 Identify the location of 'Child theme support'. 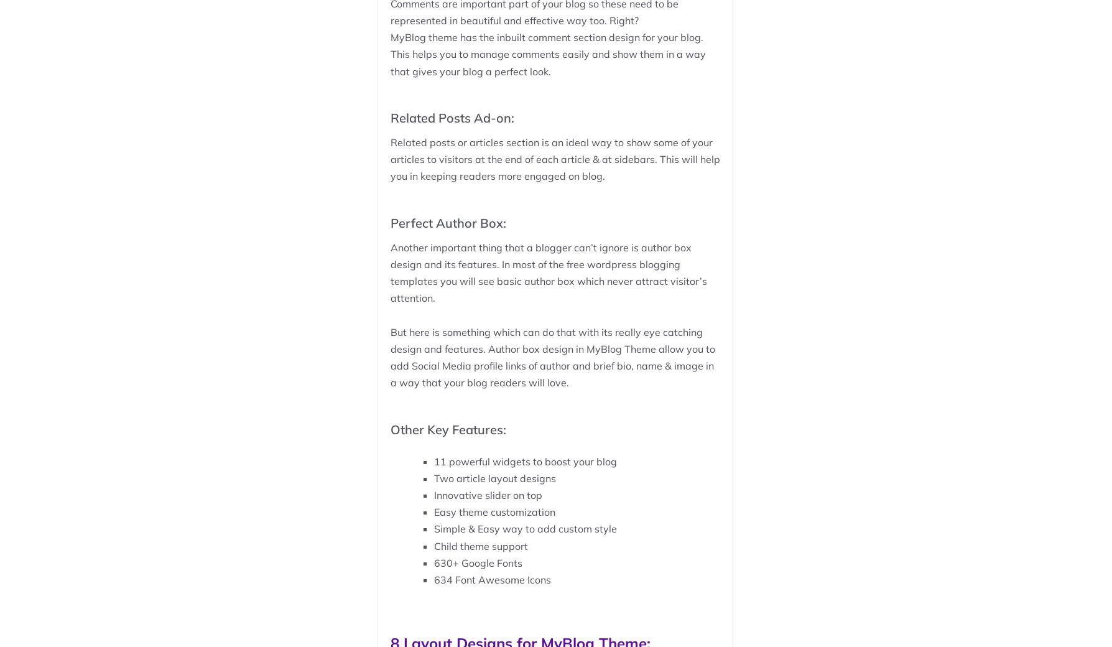
(480, 545).